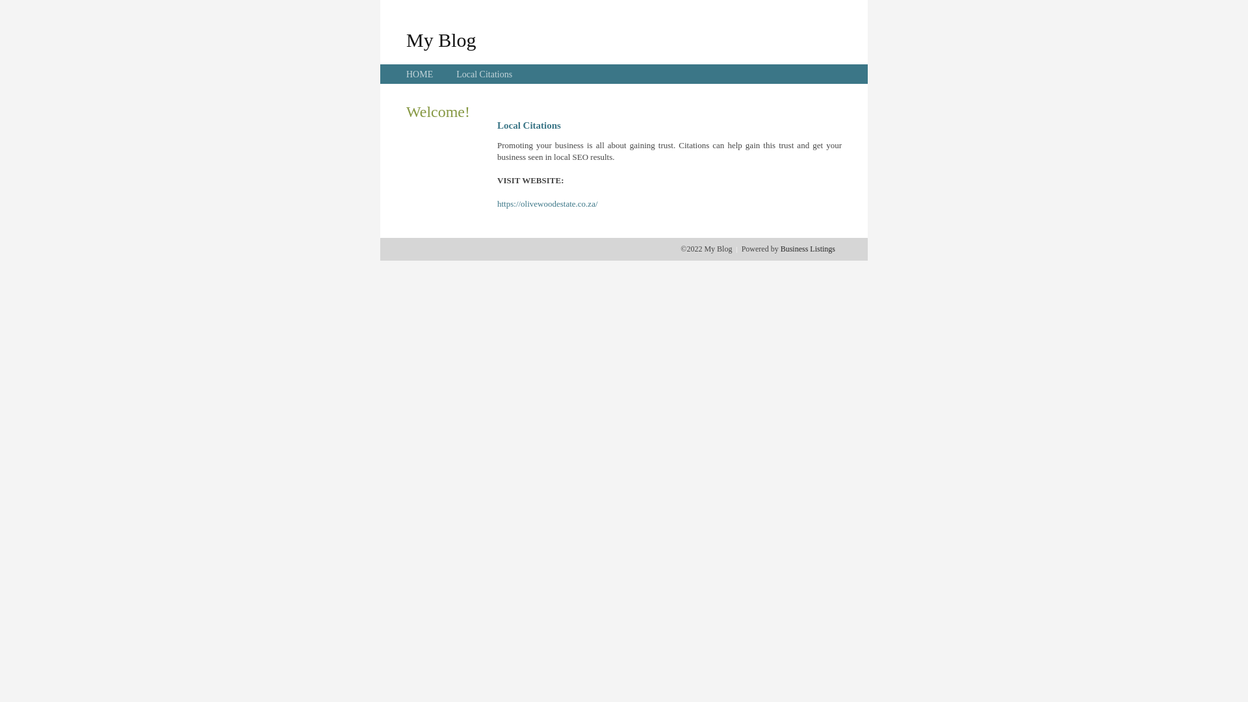 Image resolution: width=1248 pixels, height=702 pixels. I want to click on 'https://olivewoodestate.co.za/', so click(547, 203).